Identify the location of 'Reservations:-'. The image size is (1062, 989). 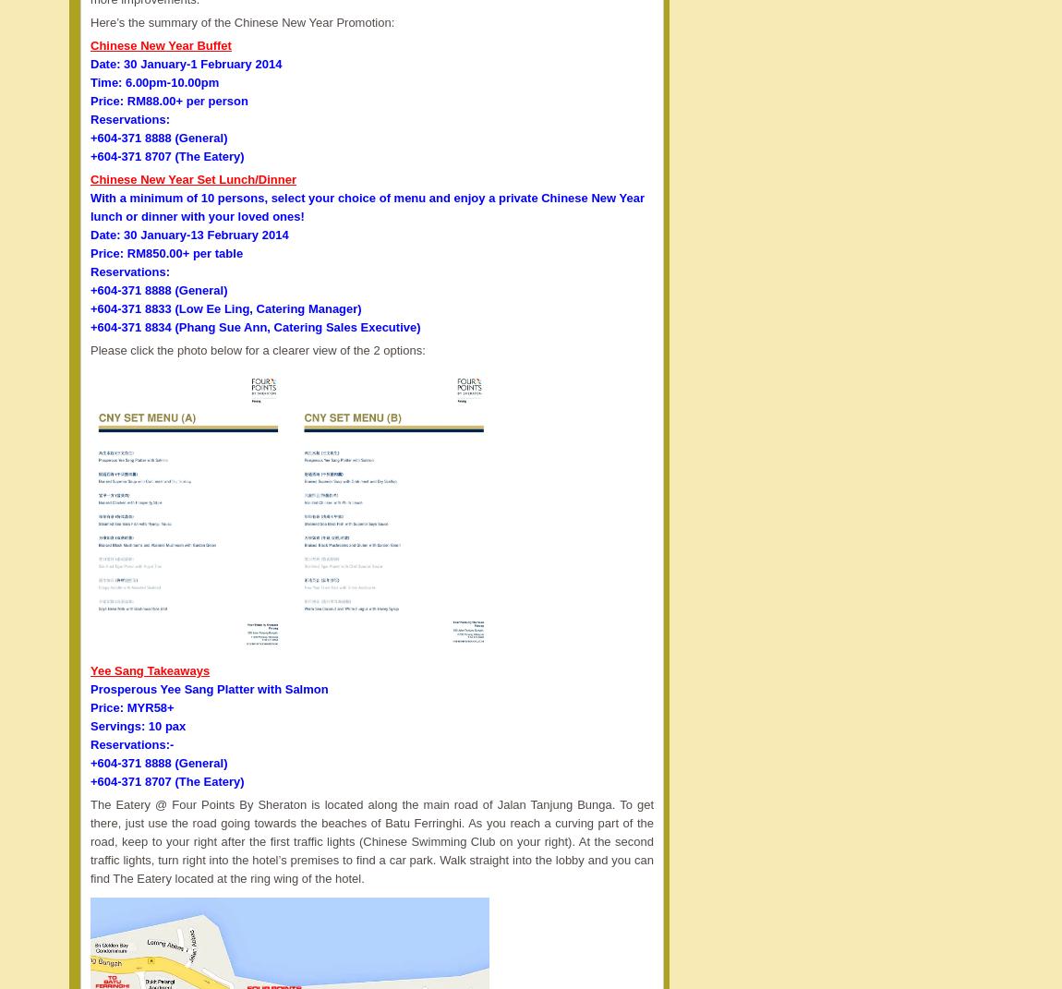
(130, 742).